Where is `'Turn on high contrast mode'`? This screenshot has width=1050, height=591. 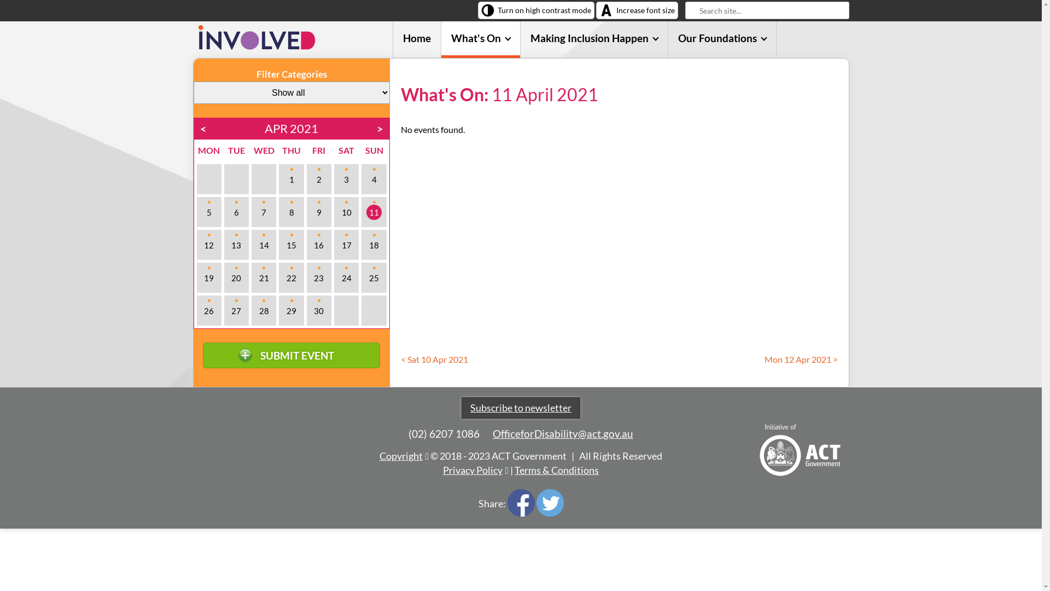 'Turn on high contrast mode' is located at coordinates (536, 10).